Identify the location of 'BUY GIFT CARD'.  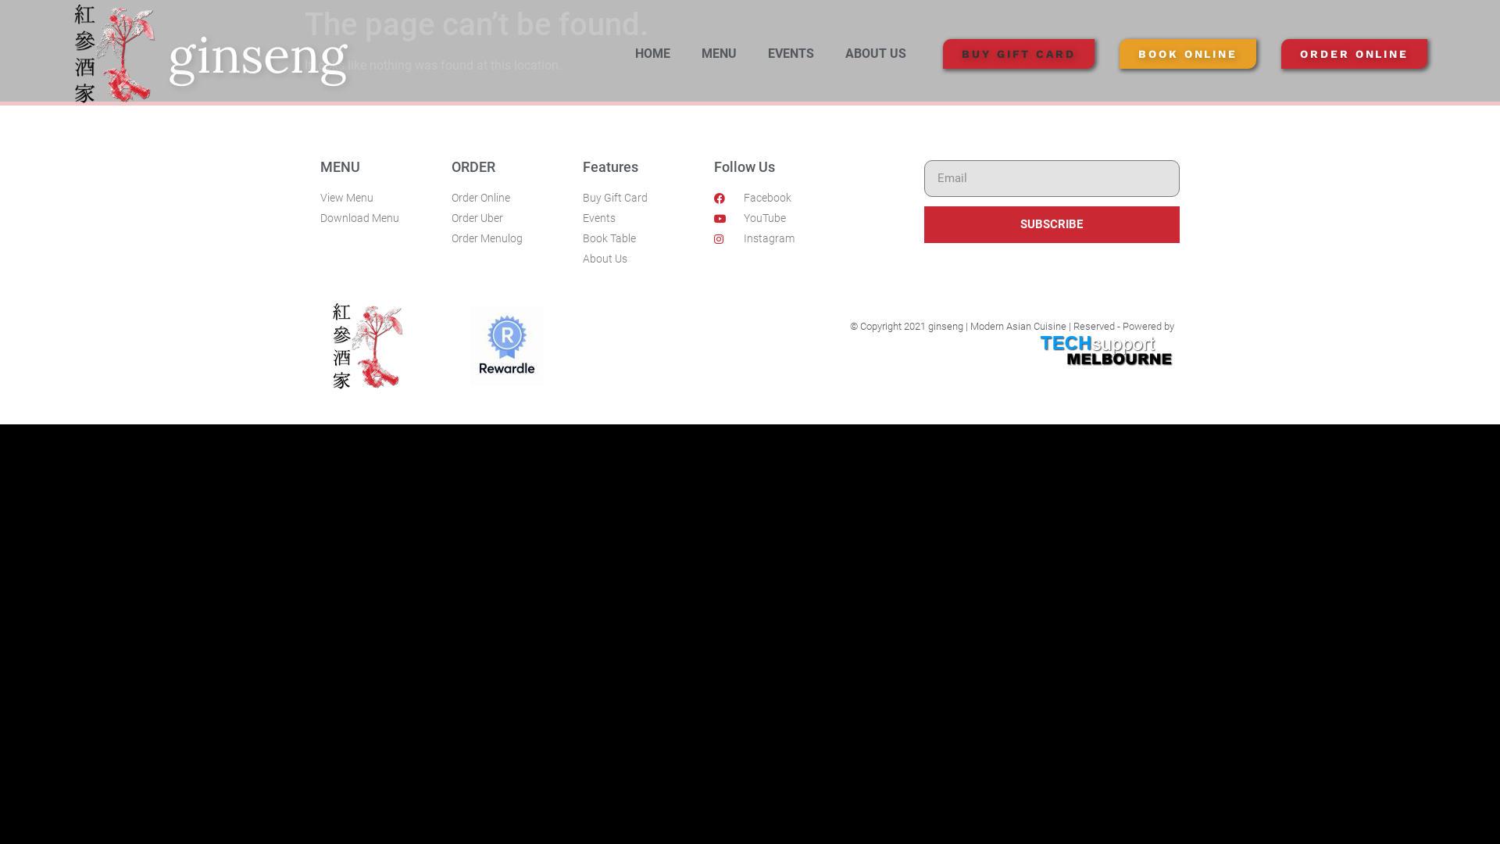
(1019, 53).